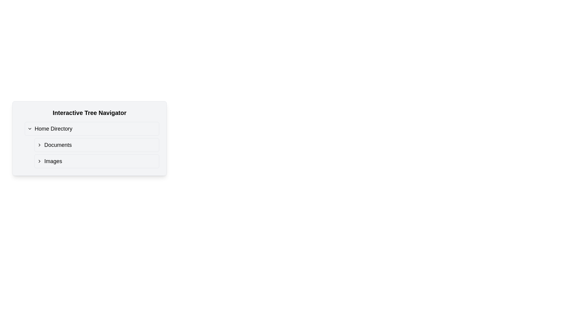 The width and height of the screenshot is (579, 325). What do you see at coordinates (89, 113) in the screenshot?
I see `the Header text element that indicates the content pertains to the Interactive Tree Navigator interface` at bounding box center [89, 113].